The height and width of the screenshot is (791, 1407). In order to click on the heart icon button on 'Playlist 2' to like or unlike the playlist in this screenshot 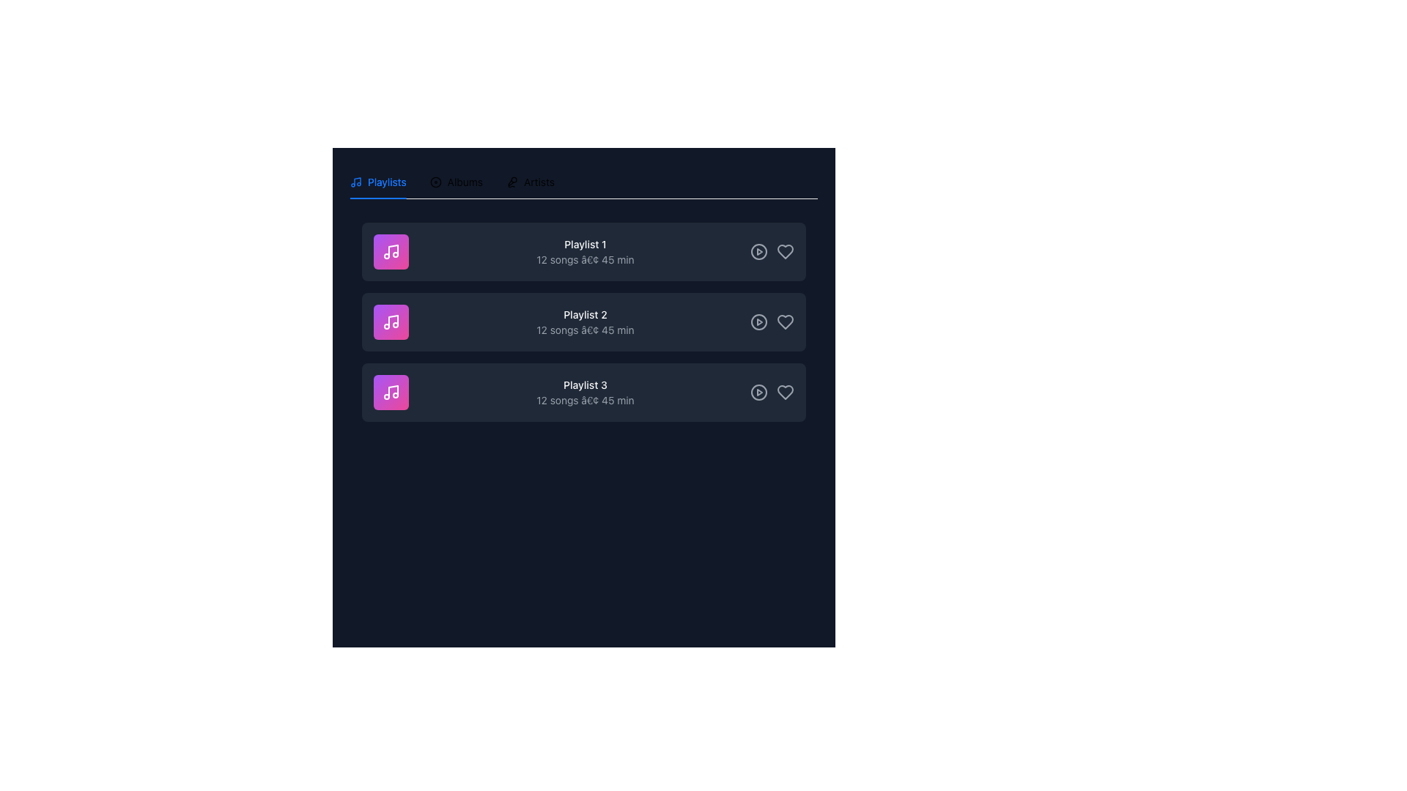, I will do `click(784, 321)`.